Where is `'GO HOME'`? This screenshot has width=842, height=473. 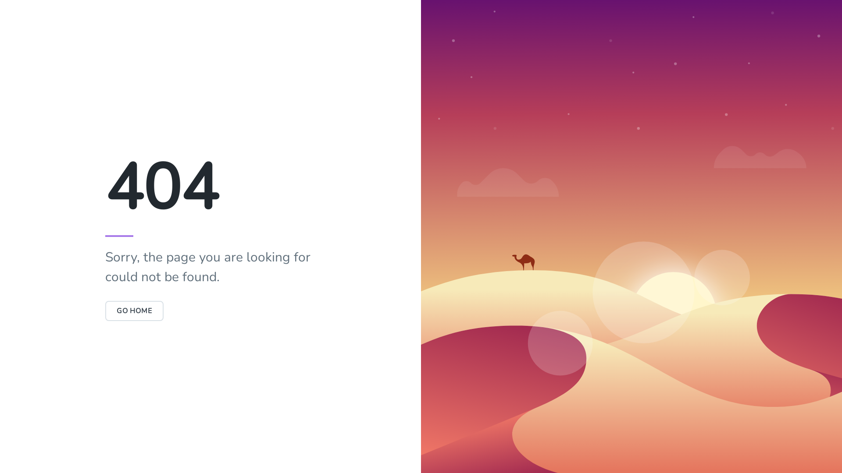 'GO HOME' is located at coordinates (134, 310).